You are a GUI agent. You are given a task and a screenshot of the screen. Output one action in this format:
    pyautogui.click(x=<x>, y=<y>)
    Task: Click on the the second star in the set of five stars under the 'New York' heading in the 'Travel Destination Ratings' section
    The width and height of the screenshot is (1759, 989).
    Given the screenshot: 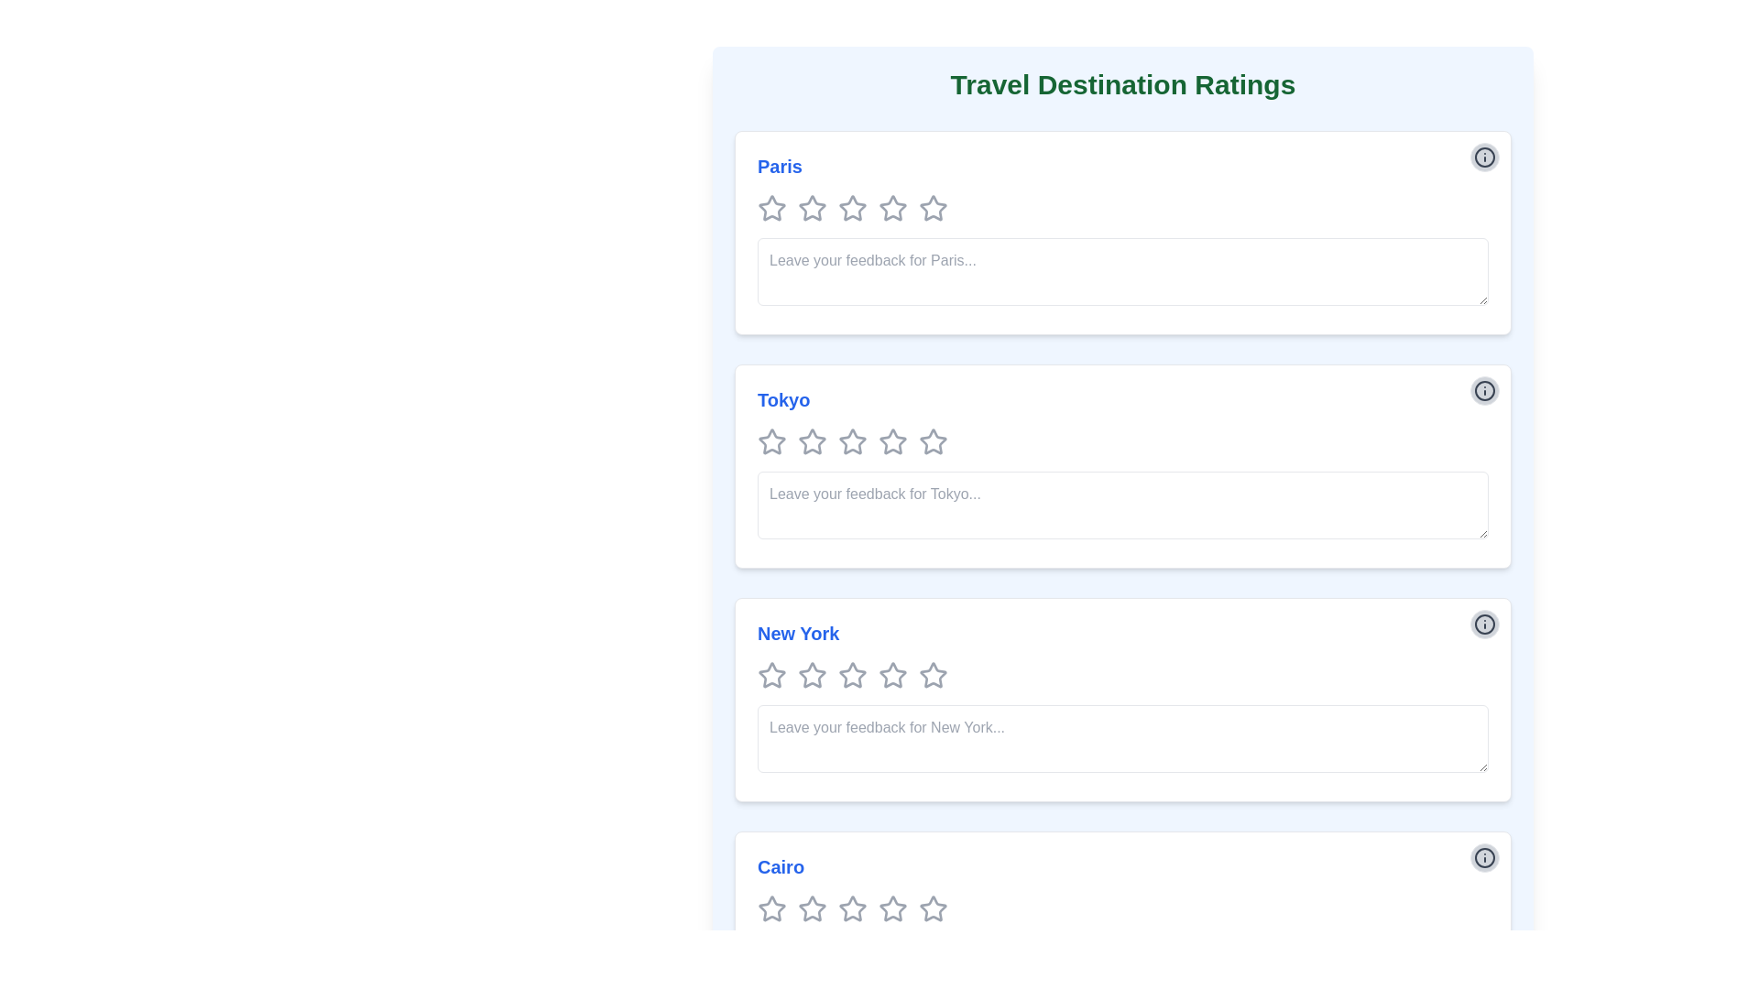 What is the action you would take?
    pyautogui.click(x=812, y=675)
    